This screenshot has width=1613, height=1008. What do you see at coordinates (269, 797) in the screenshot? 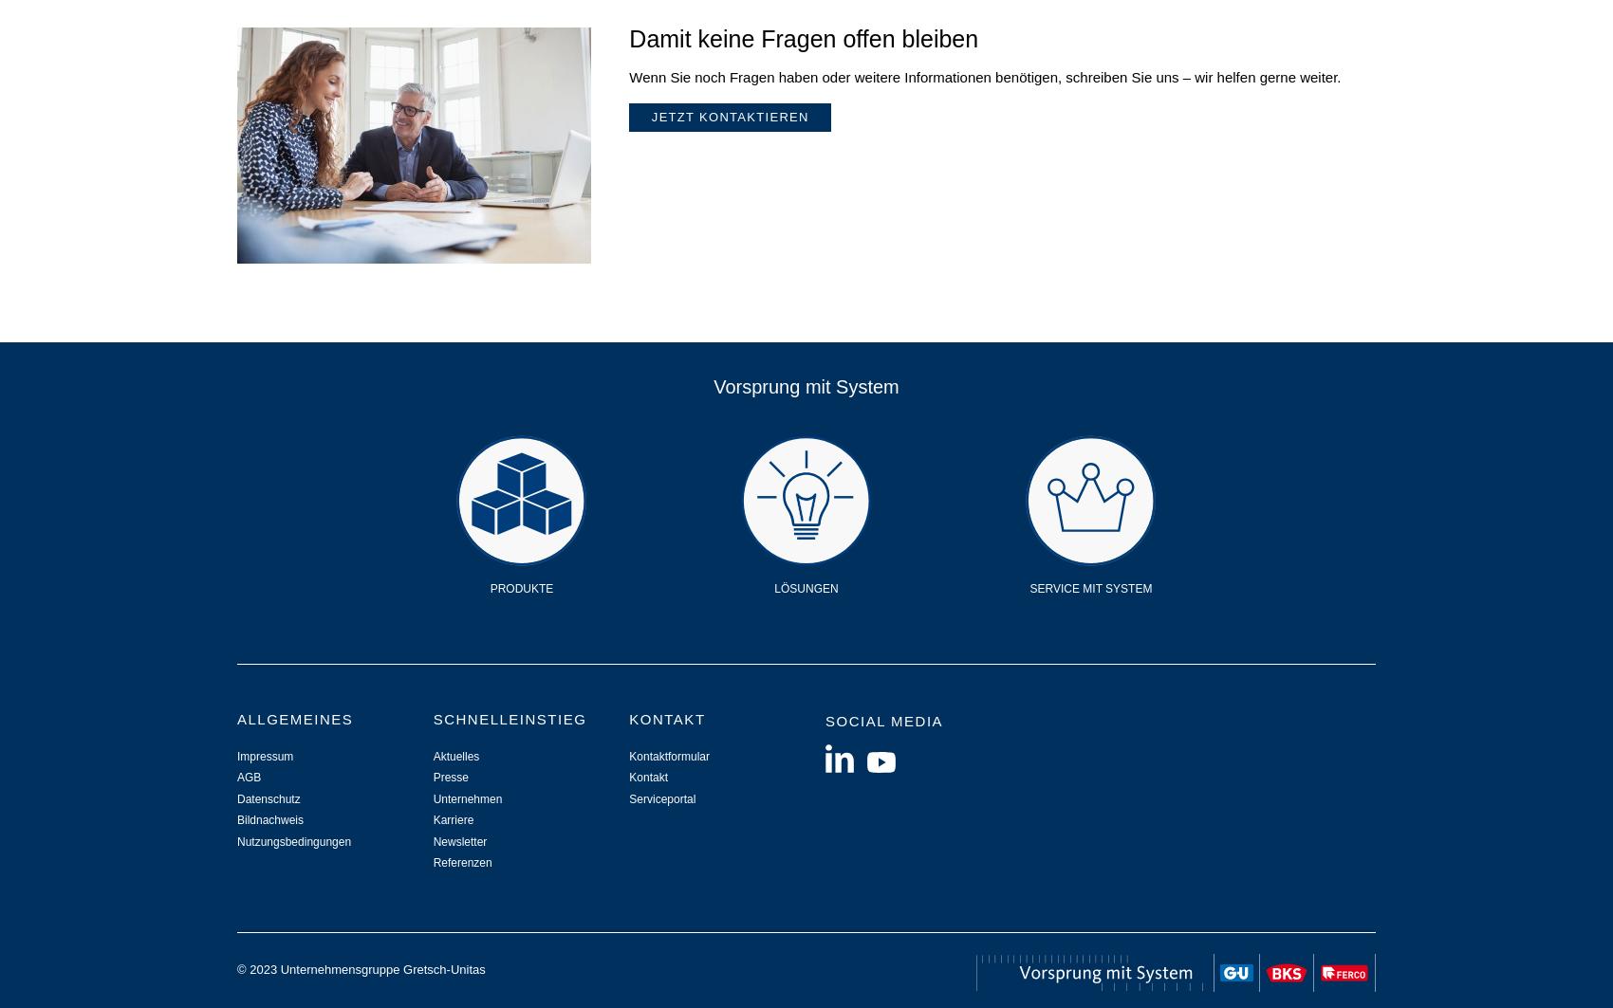
I see `'Datenschutz'` at bounding box center [269, 797].